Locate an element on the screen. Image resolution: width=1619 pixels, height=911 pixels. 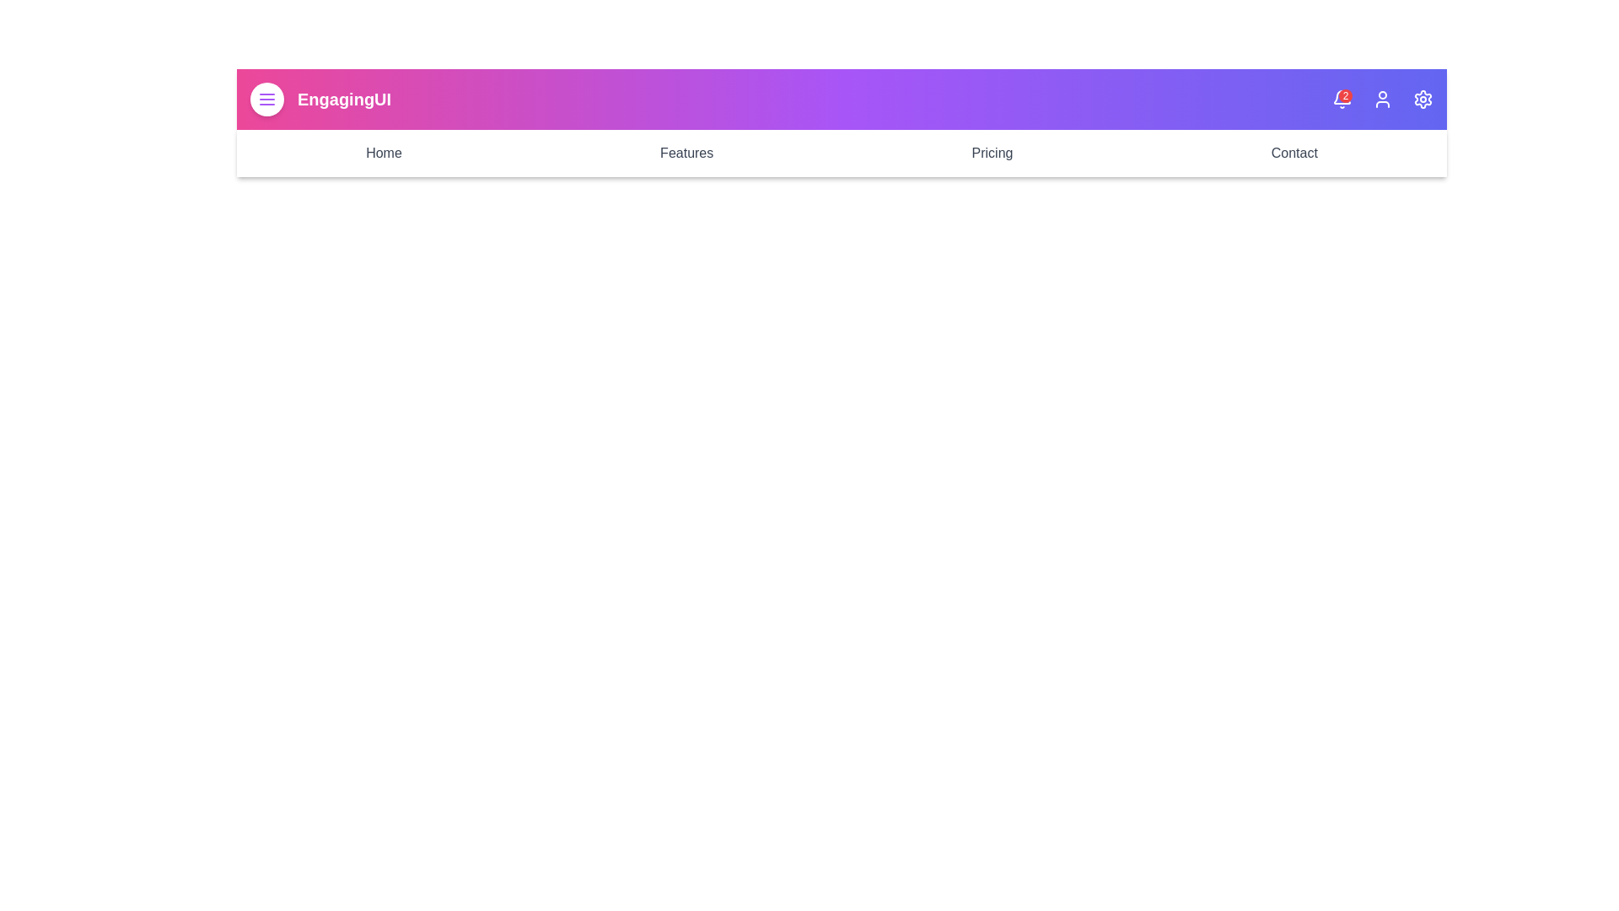
the settings icon to observe its visual feedback is located at coordinates (1423, 100).